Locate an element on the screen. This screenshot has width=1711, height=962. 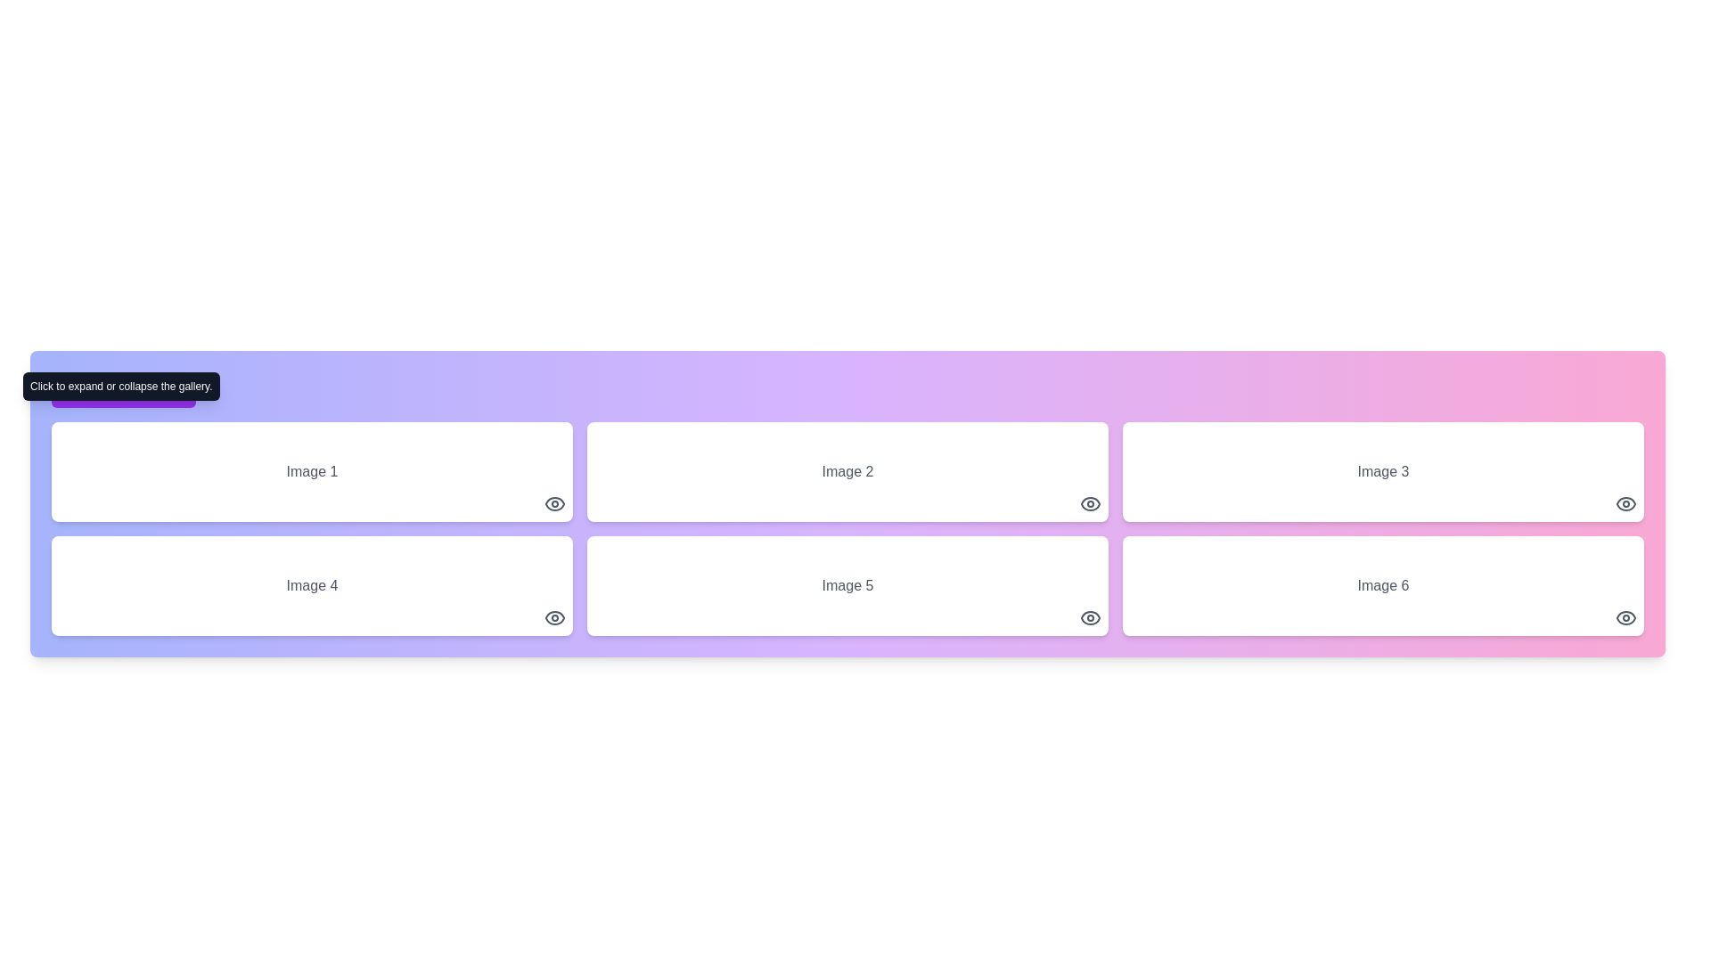
the SVG icon located at the bottom-right corner of the card labeled 'Image 6' is located at coordinates (1625, 617).